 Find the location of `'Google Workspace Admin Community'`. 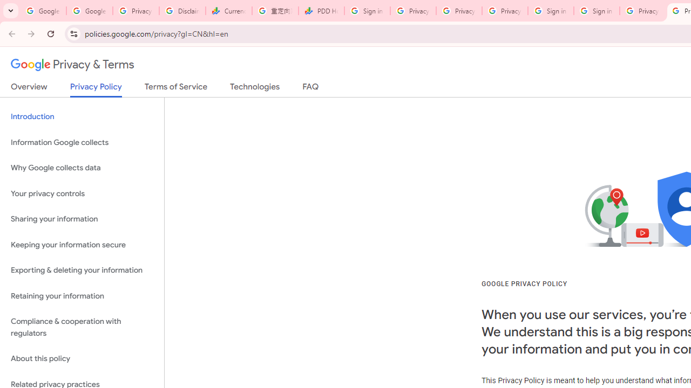

'Google Workspace Admin Community' is located at coordinates (43, 11).